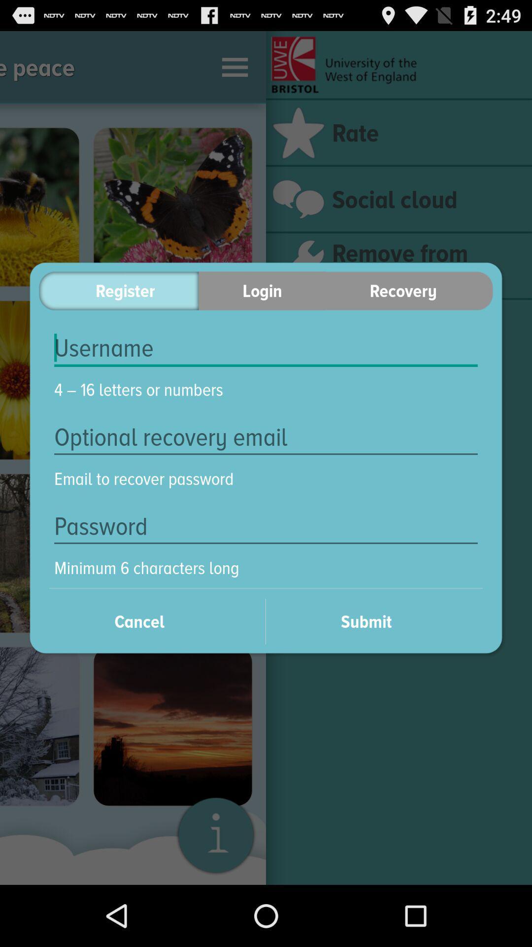 The height and width of the screenshot is (947, 532). Describe the element at coordinates (266, 348) in the screenshot. I see `insert username` at that location.